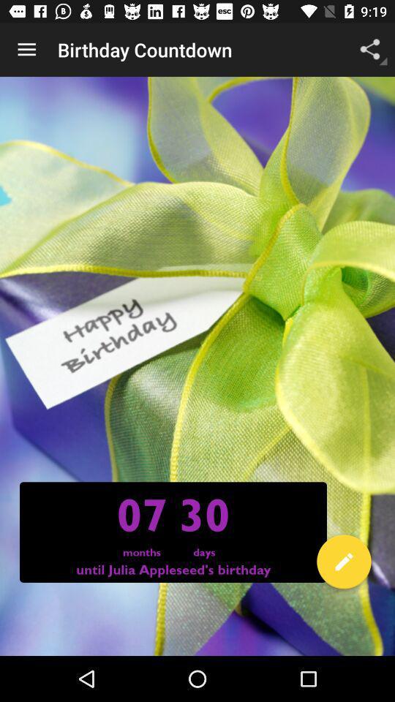 This screenshot has height=702, width=395. What do you see at coordinates (344, 564) in the screenshot?
I see `the edit icon` at bounding box center [344, 564].